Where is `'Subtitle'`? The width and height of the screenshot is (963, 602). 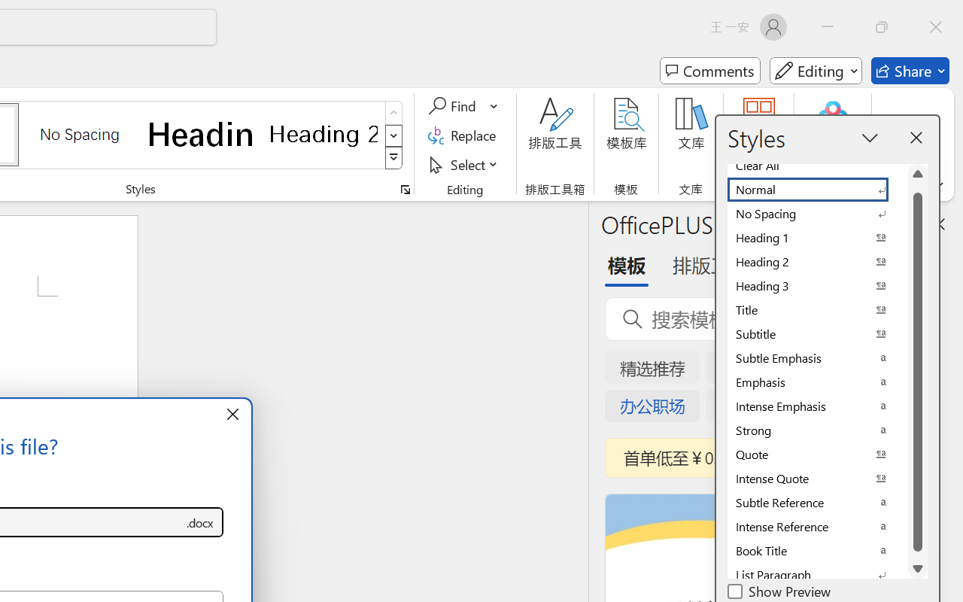
'Subtitle' is located at coordinates (816, 333).